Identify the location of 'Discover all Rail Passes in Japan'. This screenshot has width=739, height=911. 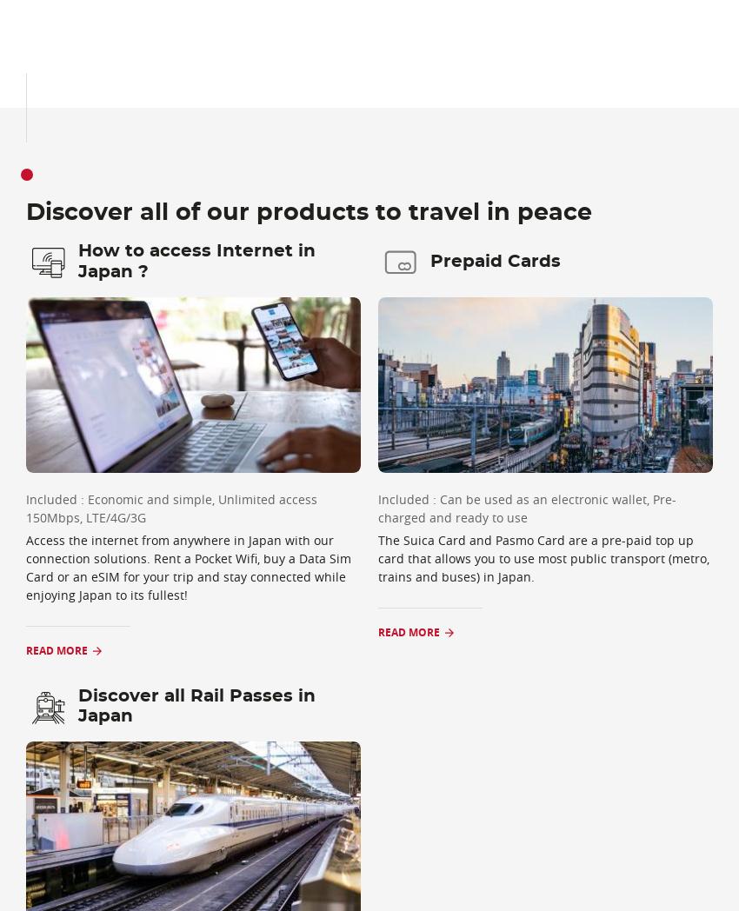
(196, 704).